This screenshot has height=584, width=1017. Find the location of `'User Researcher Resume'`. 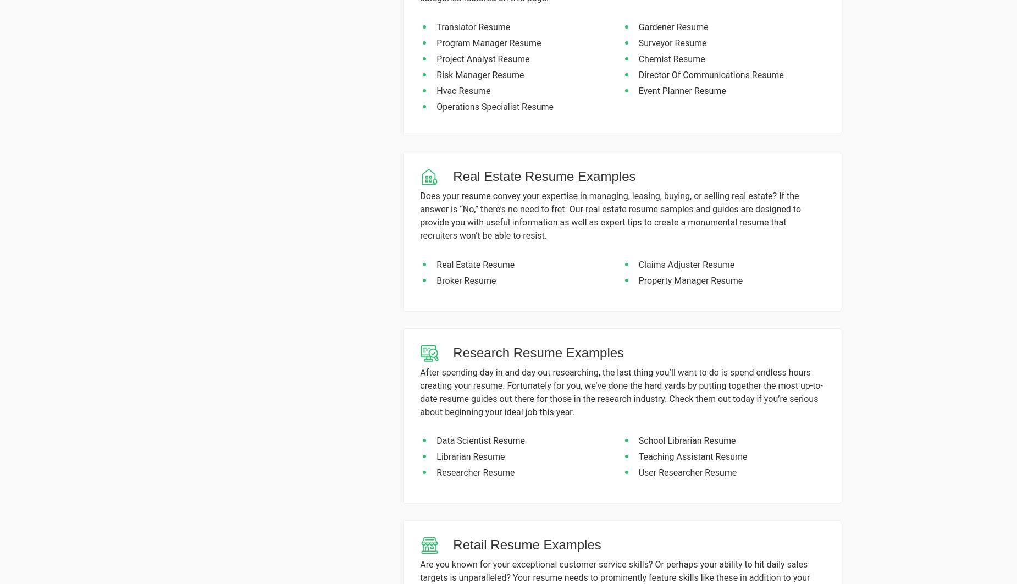

'User Researcher Resume' is located at coordinates (687, 472).